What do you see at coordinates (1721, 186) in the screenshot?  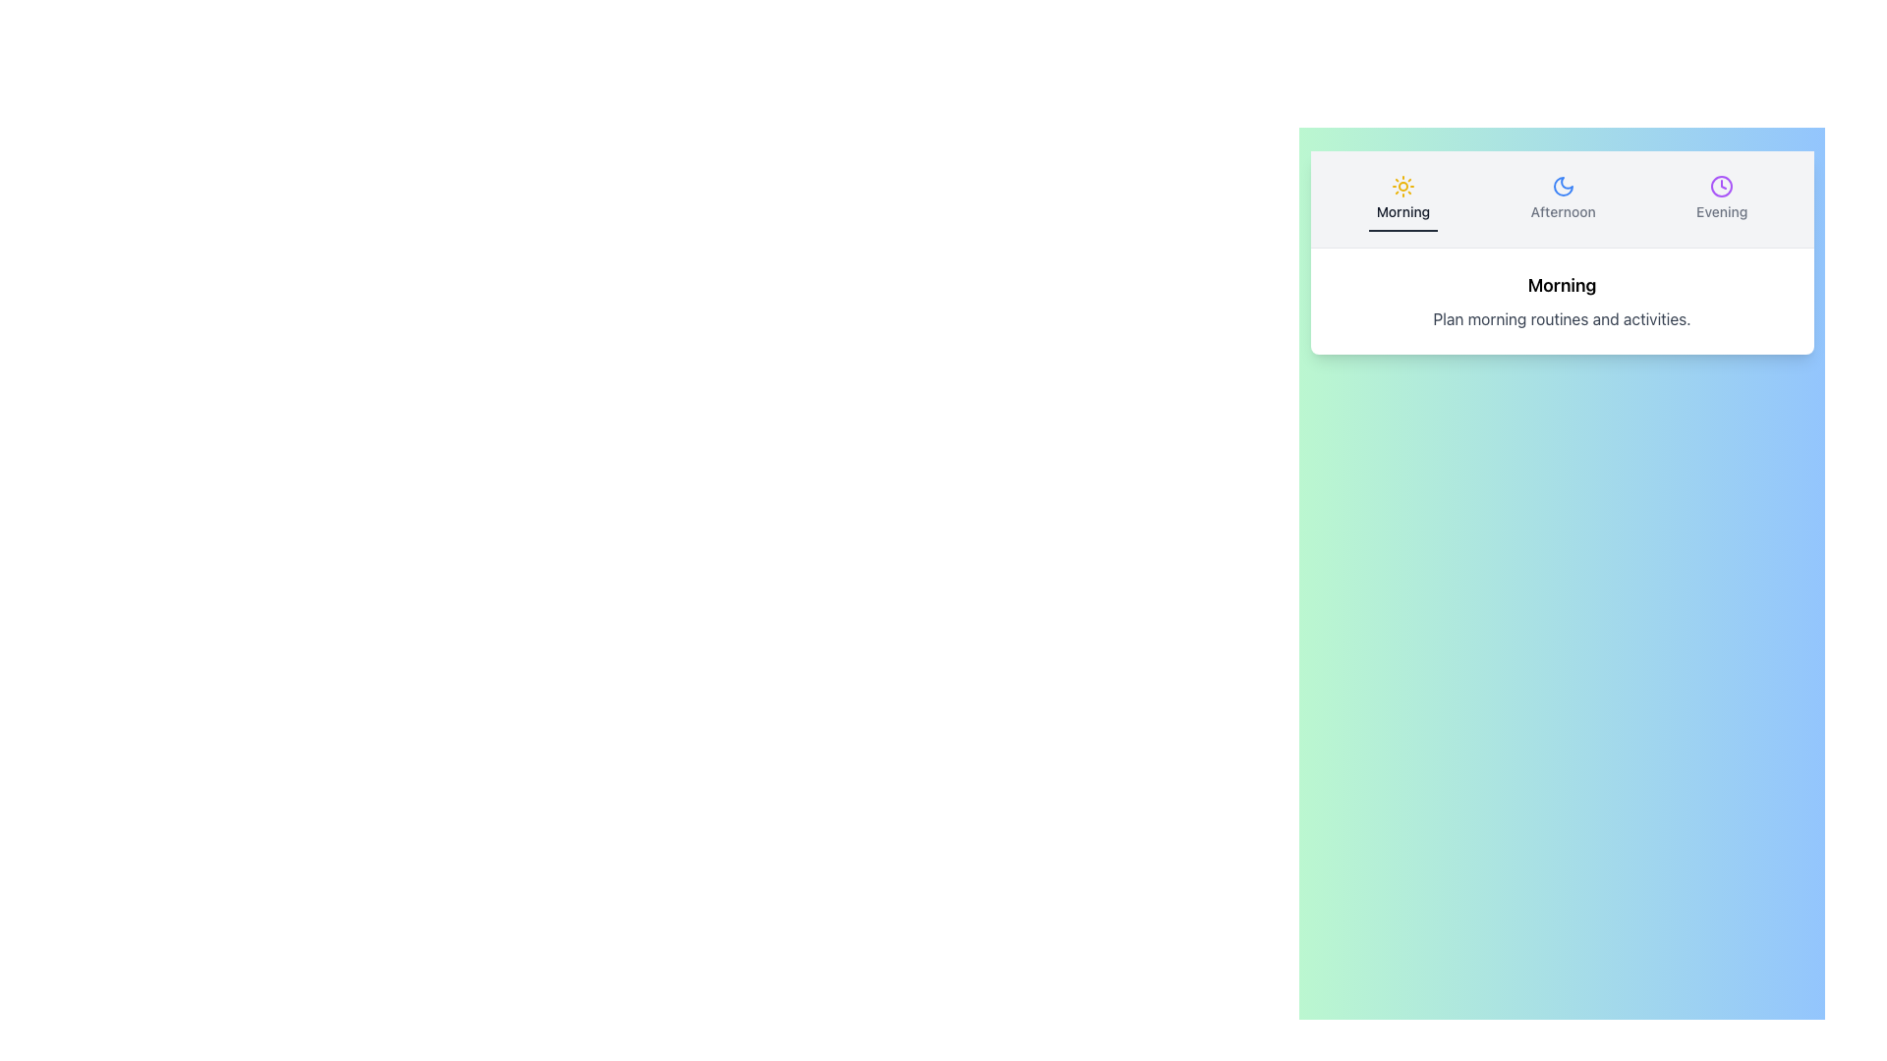 I see `the purple clock icon associated with the 'Evening' label` at bounding box center [1721, 186].